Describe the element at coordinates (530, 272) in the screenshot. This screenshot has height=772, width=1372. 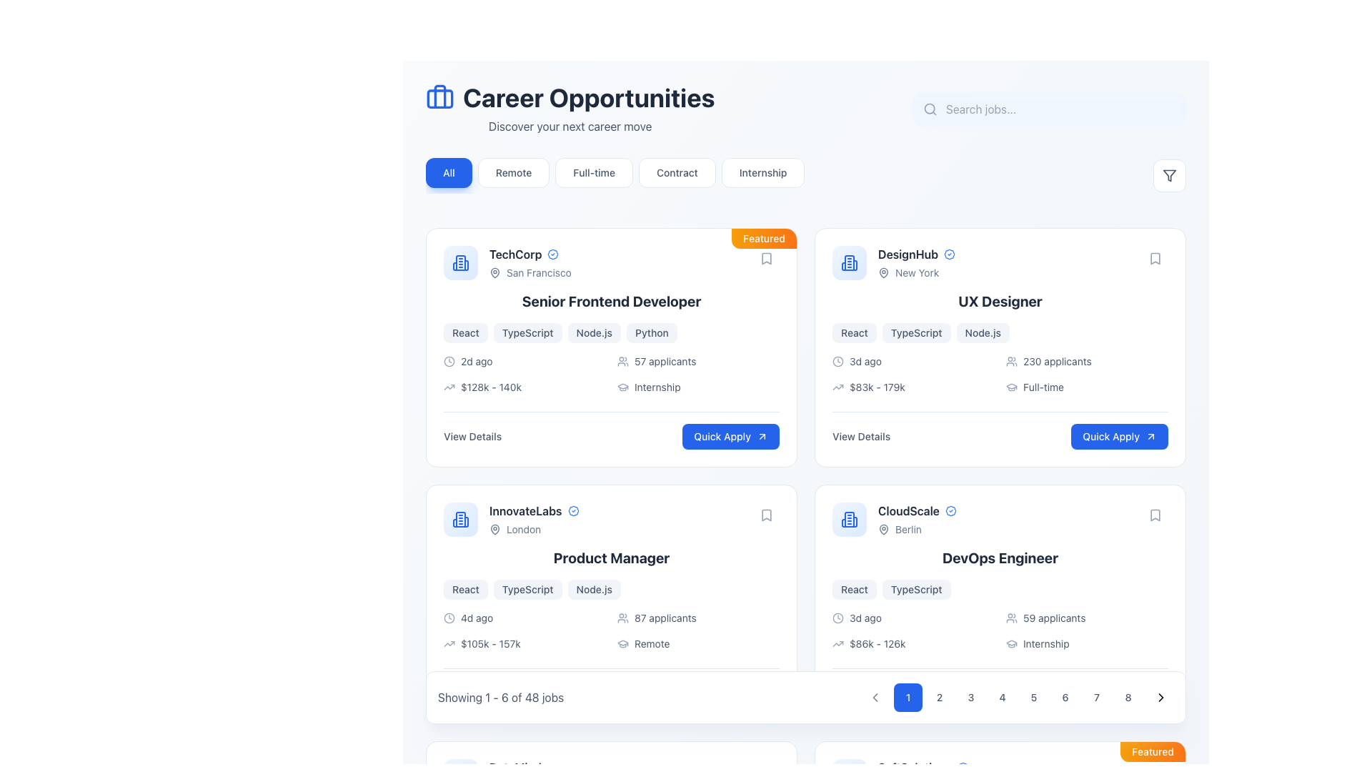
I see `the text label displaying 'San Francisco', which is styled in a smaller font size and gray color, accompanied by a map pin icon, located below the 'TechCorp' name in the career opportunities grid` at that location.